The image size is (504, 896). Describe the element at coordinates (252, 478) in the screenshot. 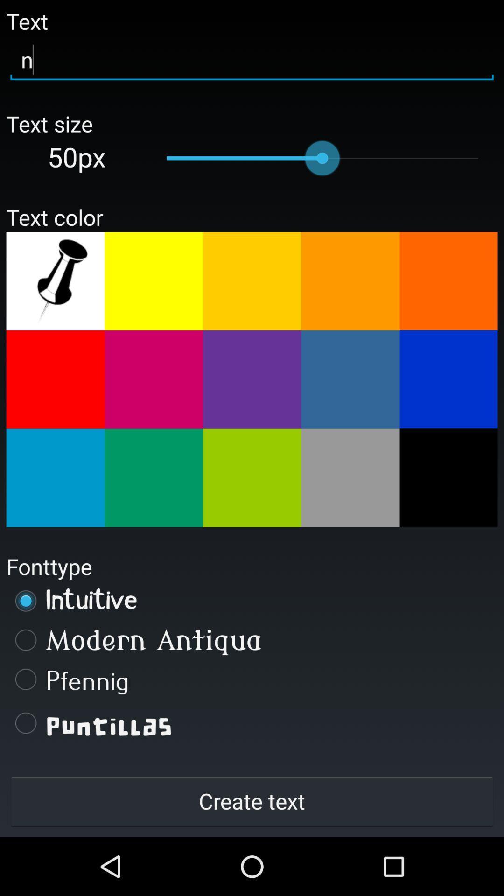

I see `item` at that location.